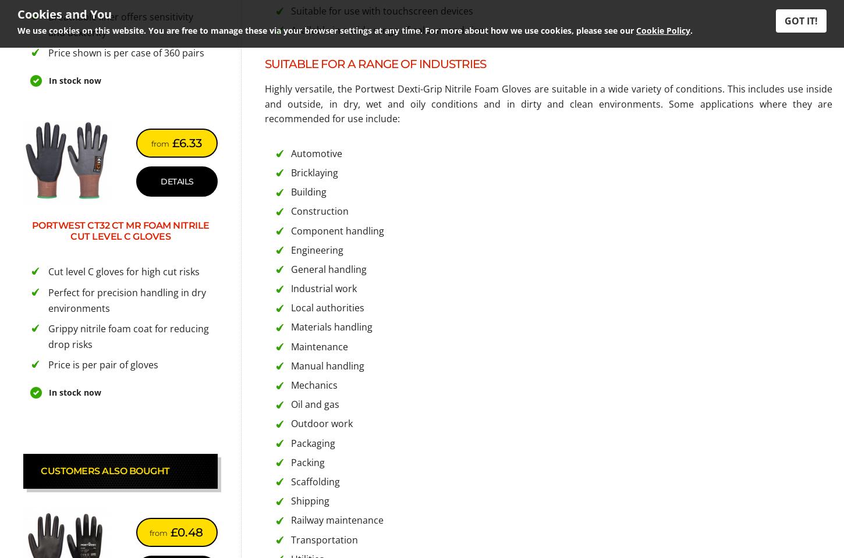  Describe the element at coordinates (290, 442) in the screenshot. I see `'Packaging'` at that location.